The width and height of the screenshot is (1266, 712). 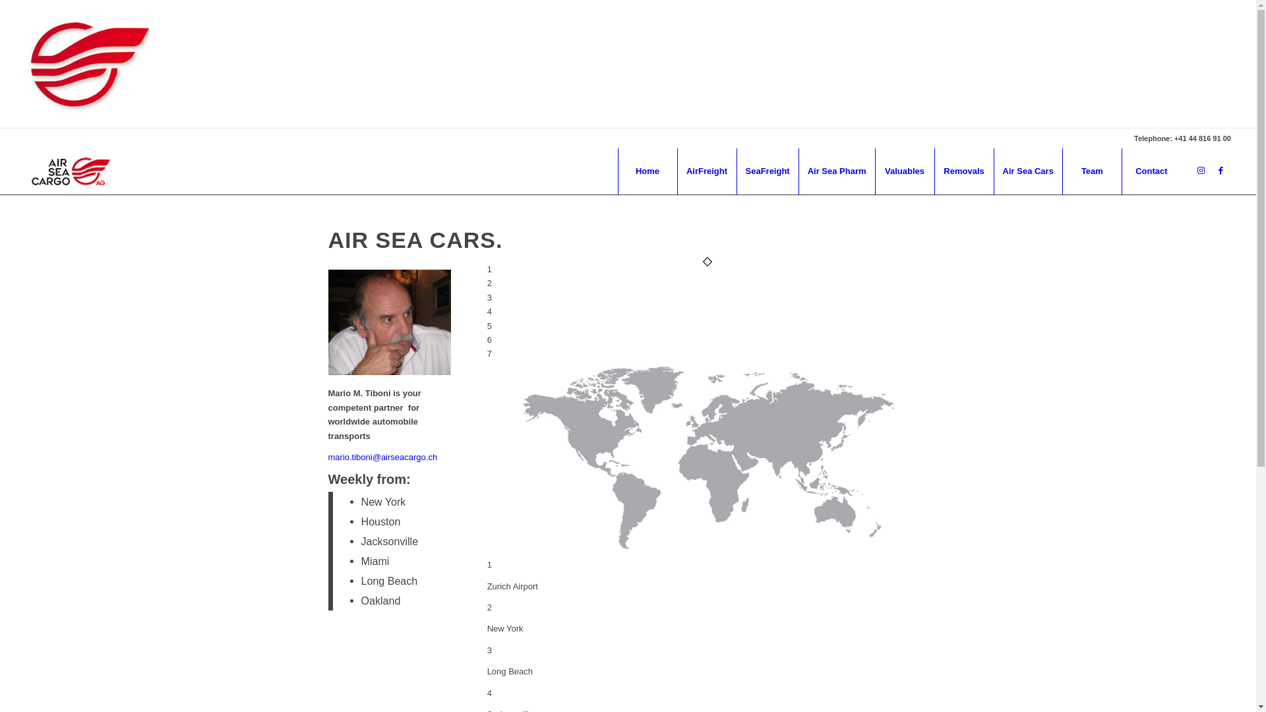 What do you see at coordinates (646, 170) in the screenshot?
I see `'Home'` at bounding box center [646, 170].